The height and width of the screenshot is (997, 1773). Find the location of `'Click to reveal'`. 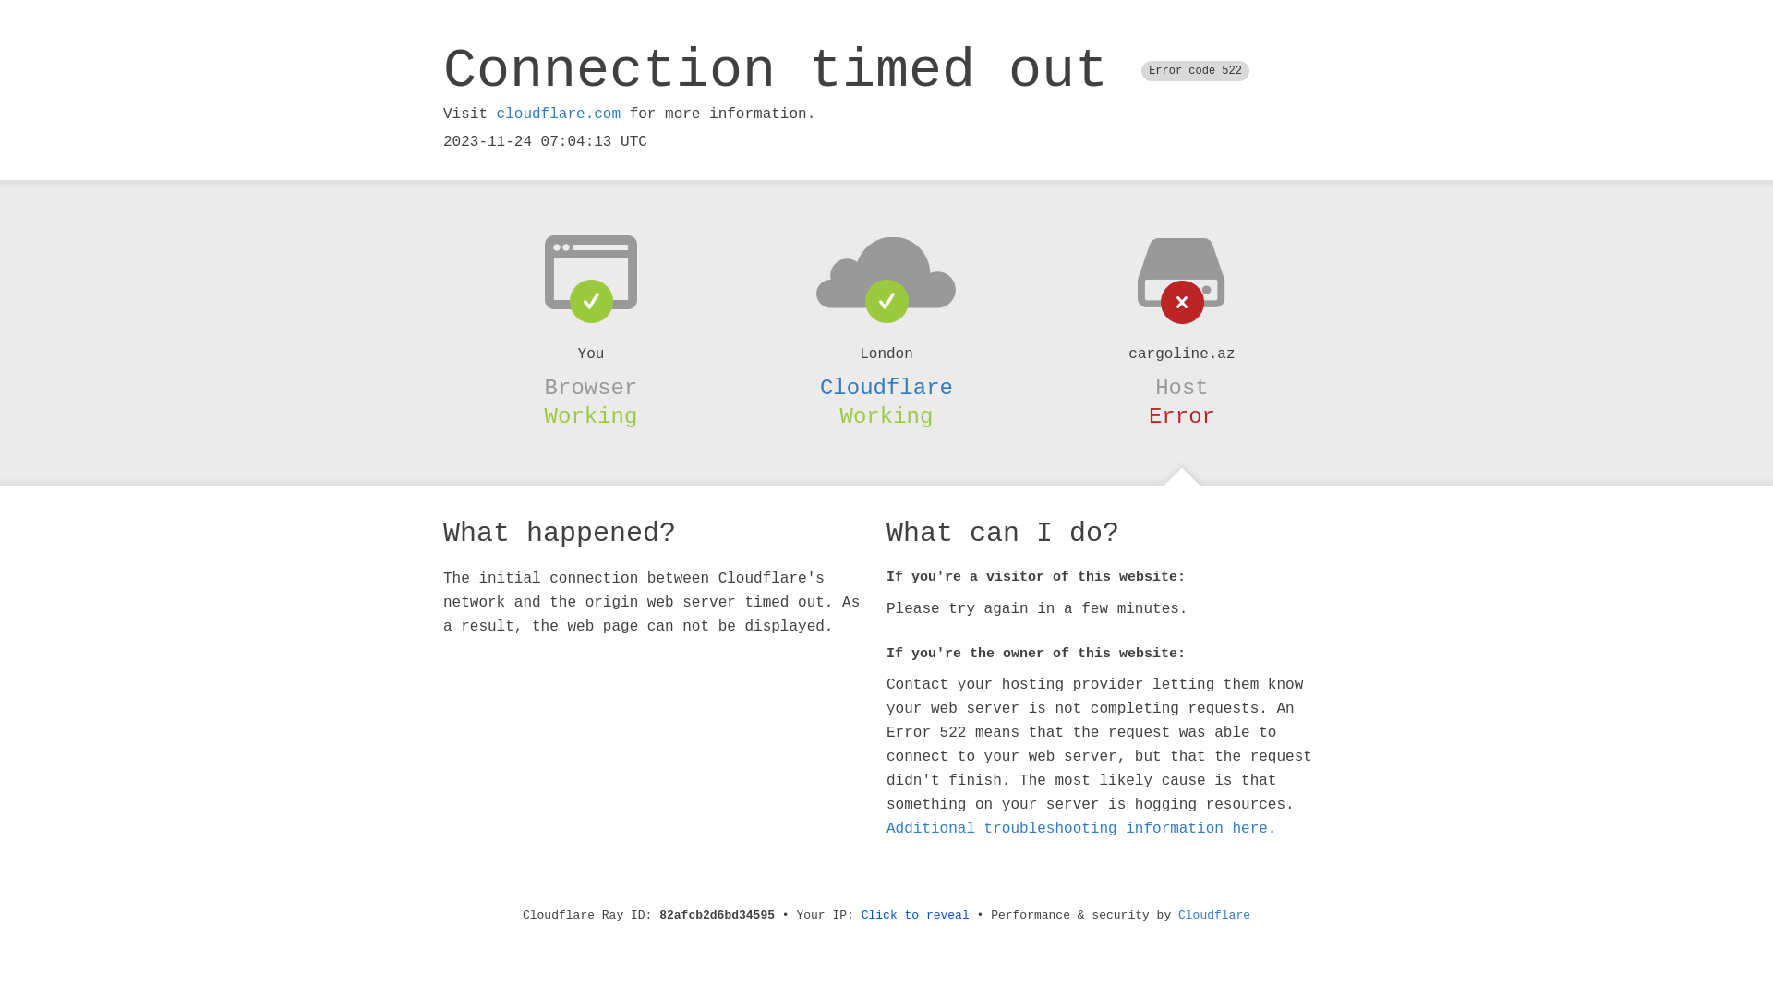

'Click to reveal' is located at coordinates (915, 915).